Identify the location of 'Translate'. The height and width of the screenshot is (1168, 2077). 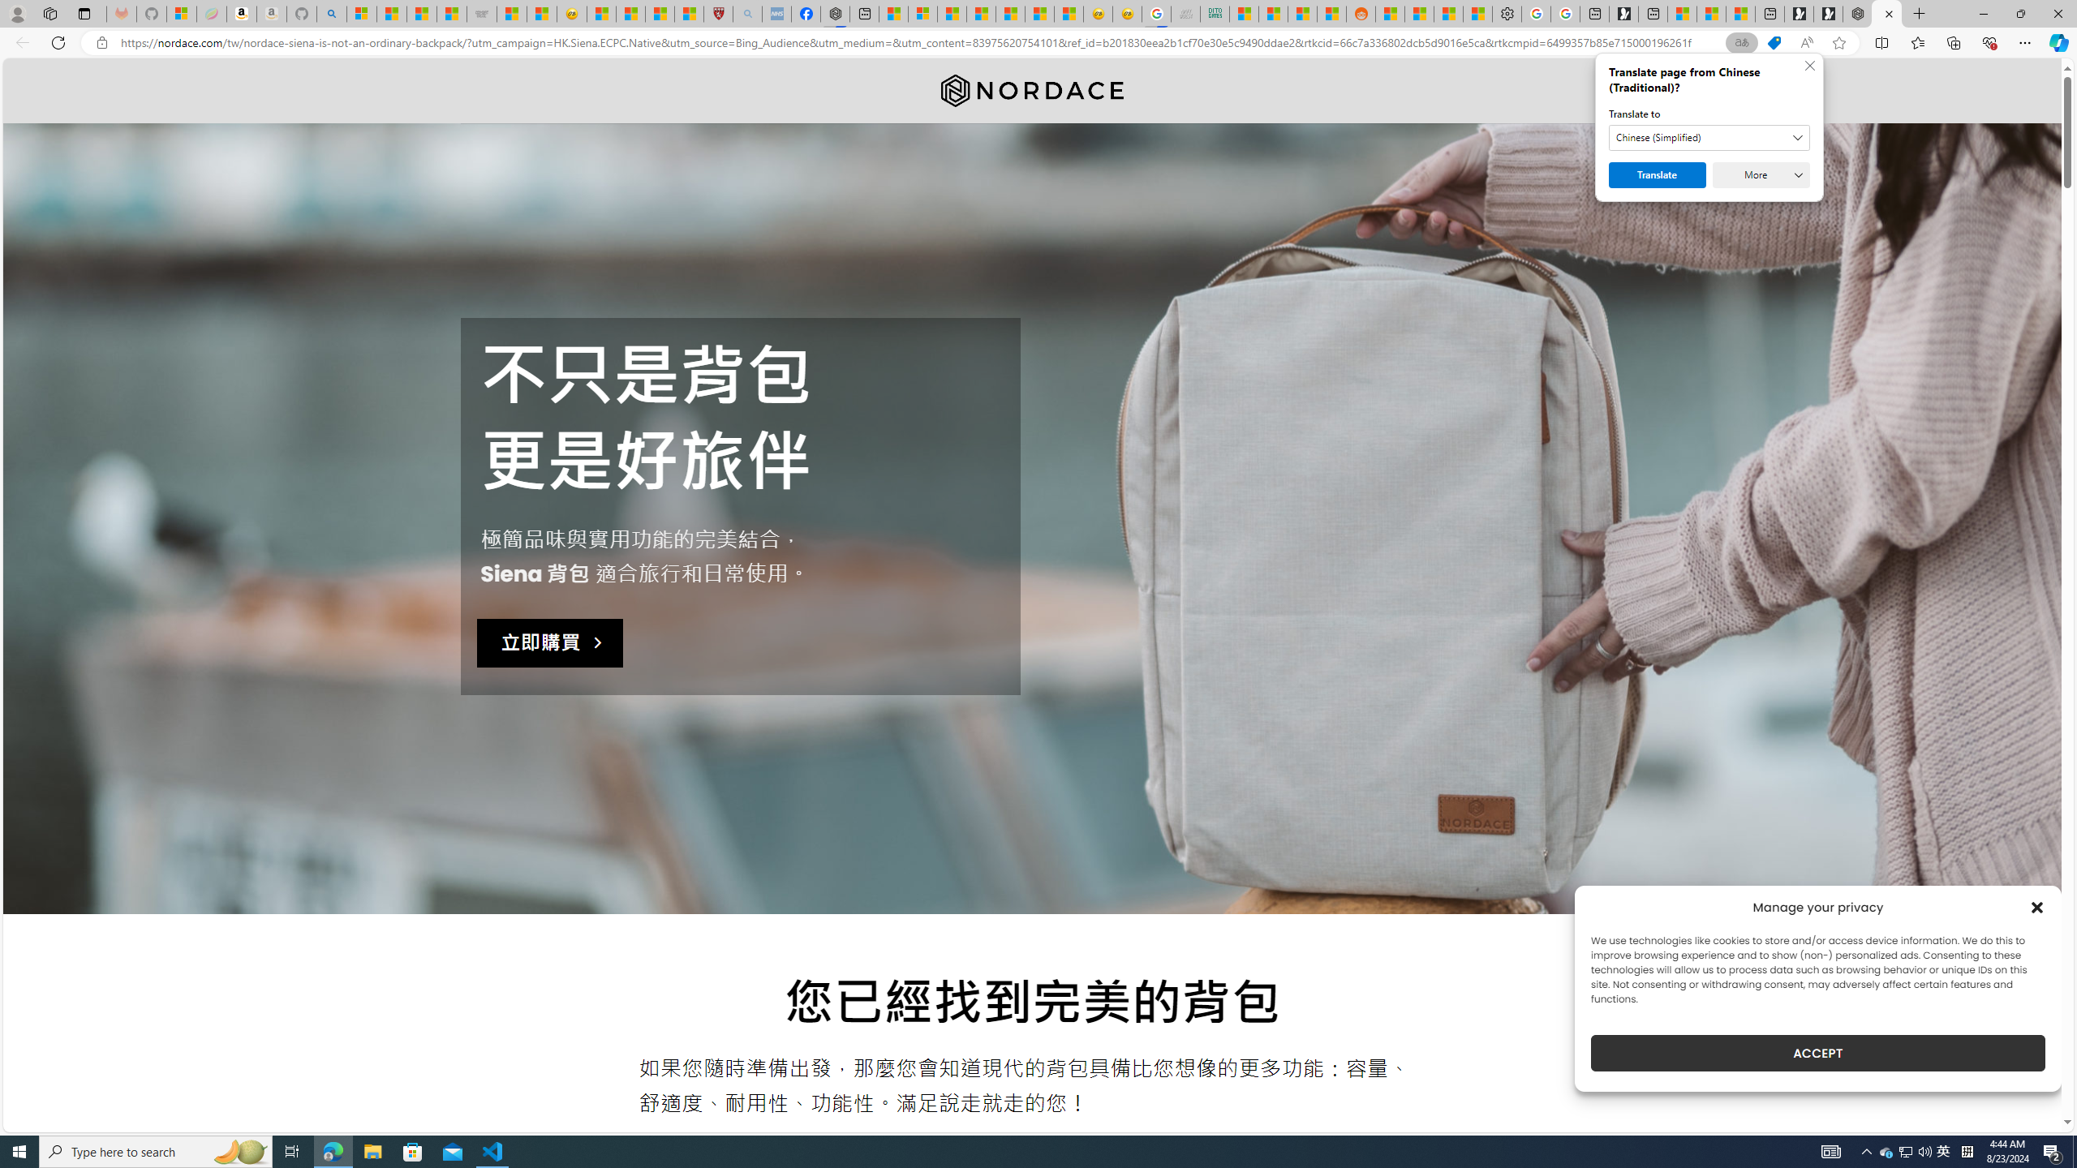
(1657, 174).